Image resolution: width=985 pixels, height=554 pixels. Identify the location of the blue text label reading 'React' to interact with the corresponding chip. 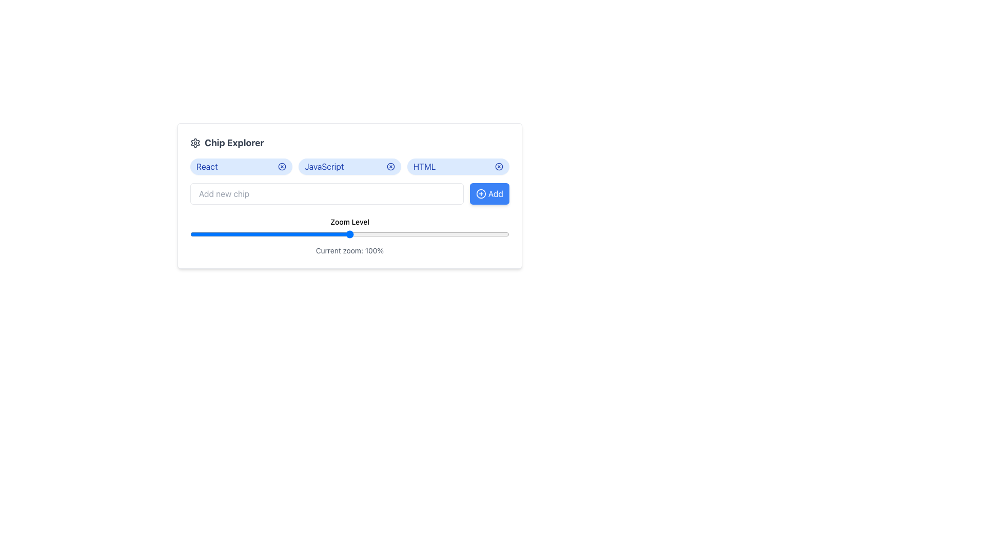
(206, 166).